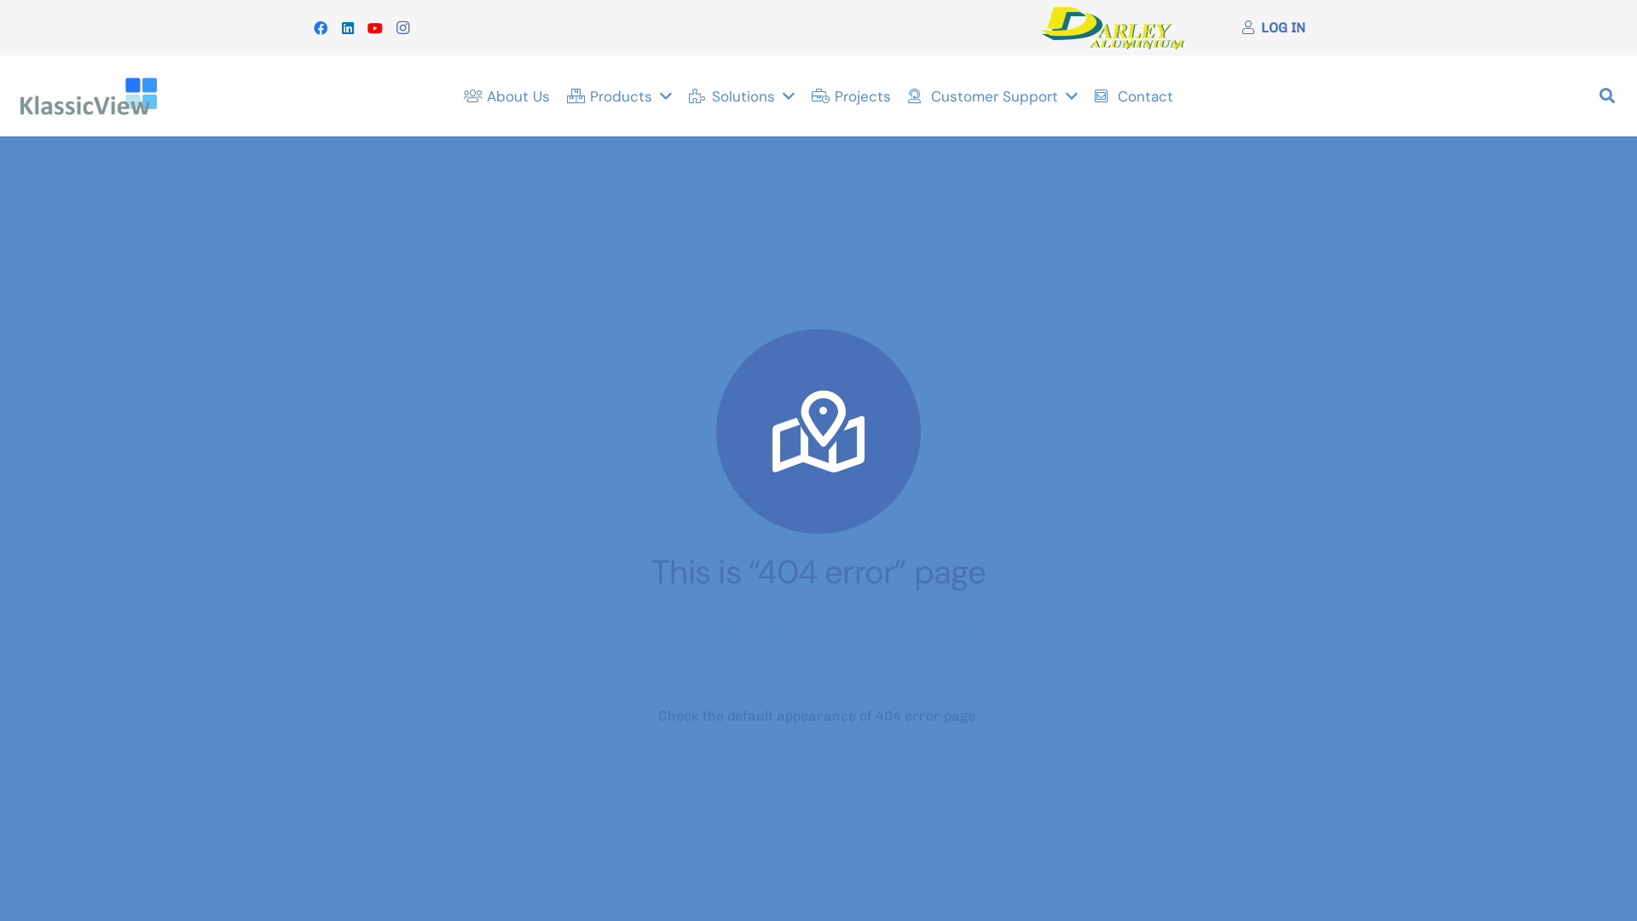  Describe the element at coordinates (334, 26) in the screenshot. I see `'LinkedIn'` at that location.